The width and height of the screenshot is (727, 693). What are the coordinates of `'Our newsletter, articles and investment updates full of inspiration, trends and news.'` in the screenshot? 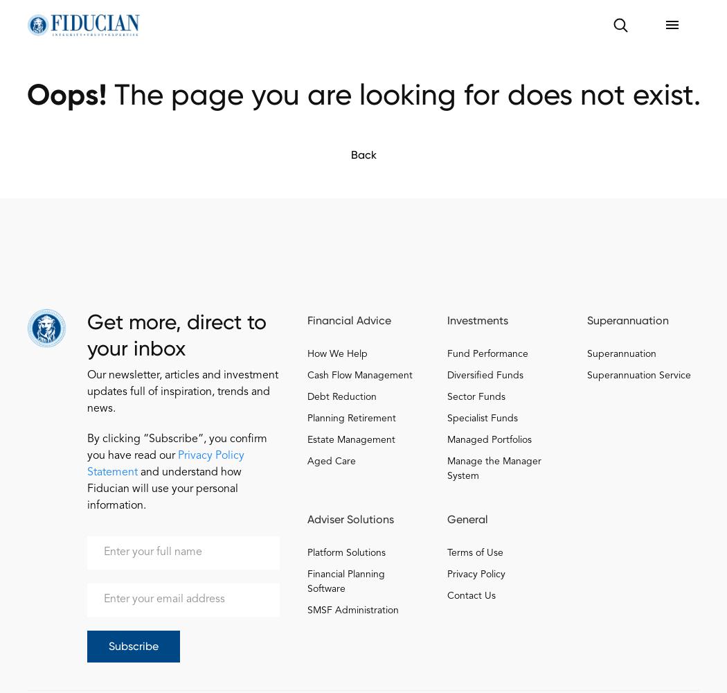 It's located at (181, 391).